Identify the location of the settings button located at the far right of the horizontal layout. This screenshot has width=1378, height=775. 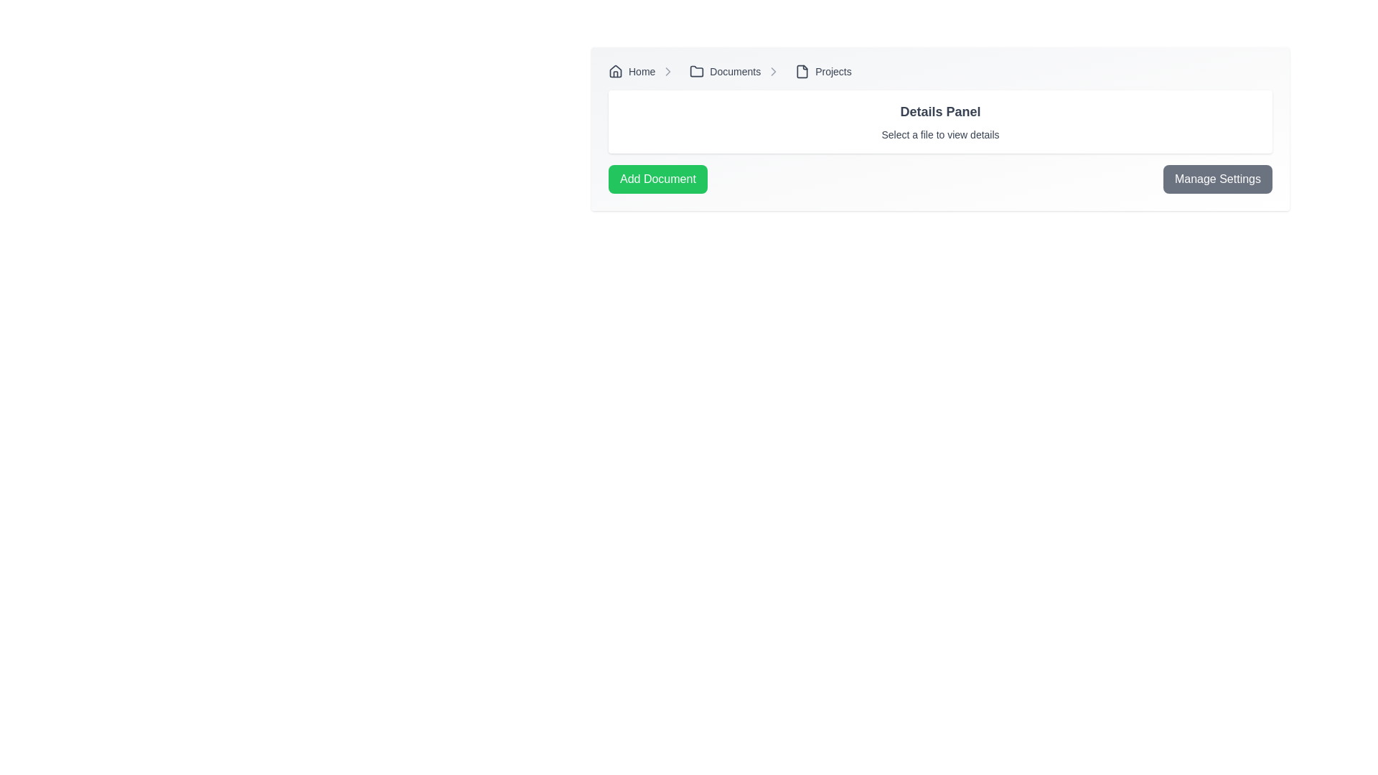
(1217, 179).